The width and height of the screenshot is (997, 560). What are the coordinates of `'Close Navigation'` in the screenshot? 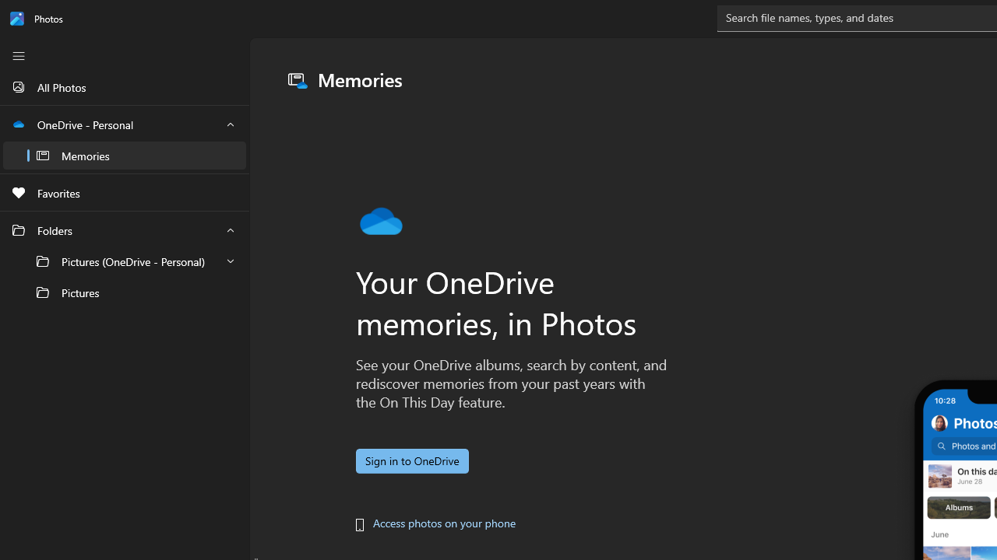 It's located at (18, 55).